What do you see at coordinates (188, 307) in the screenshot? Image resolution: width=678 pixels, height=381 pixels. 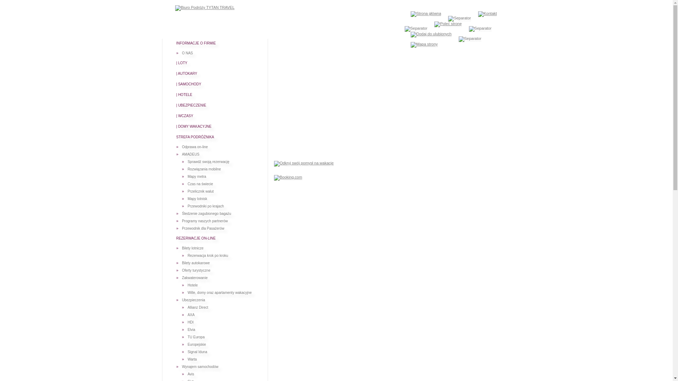 I see `'Allianz Direct'` at bounding box center [188, 307].